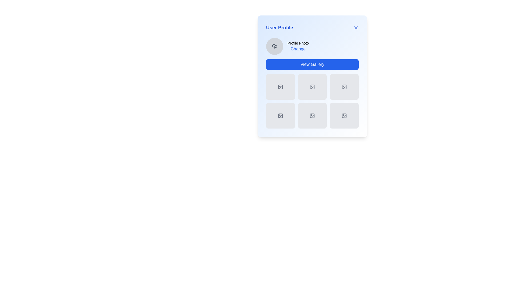 This screenshot has width=512, height=288. Describe the element at coordinates (312, 83) in the screenshot. I see `the gray square selectable gallery card with an image icon located` at that location.